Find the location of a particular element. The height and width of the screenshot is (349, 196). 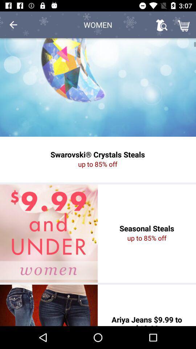

the item next to women icon is located at coordinates (162, 25).